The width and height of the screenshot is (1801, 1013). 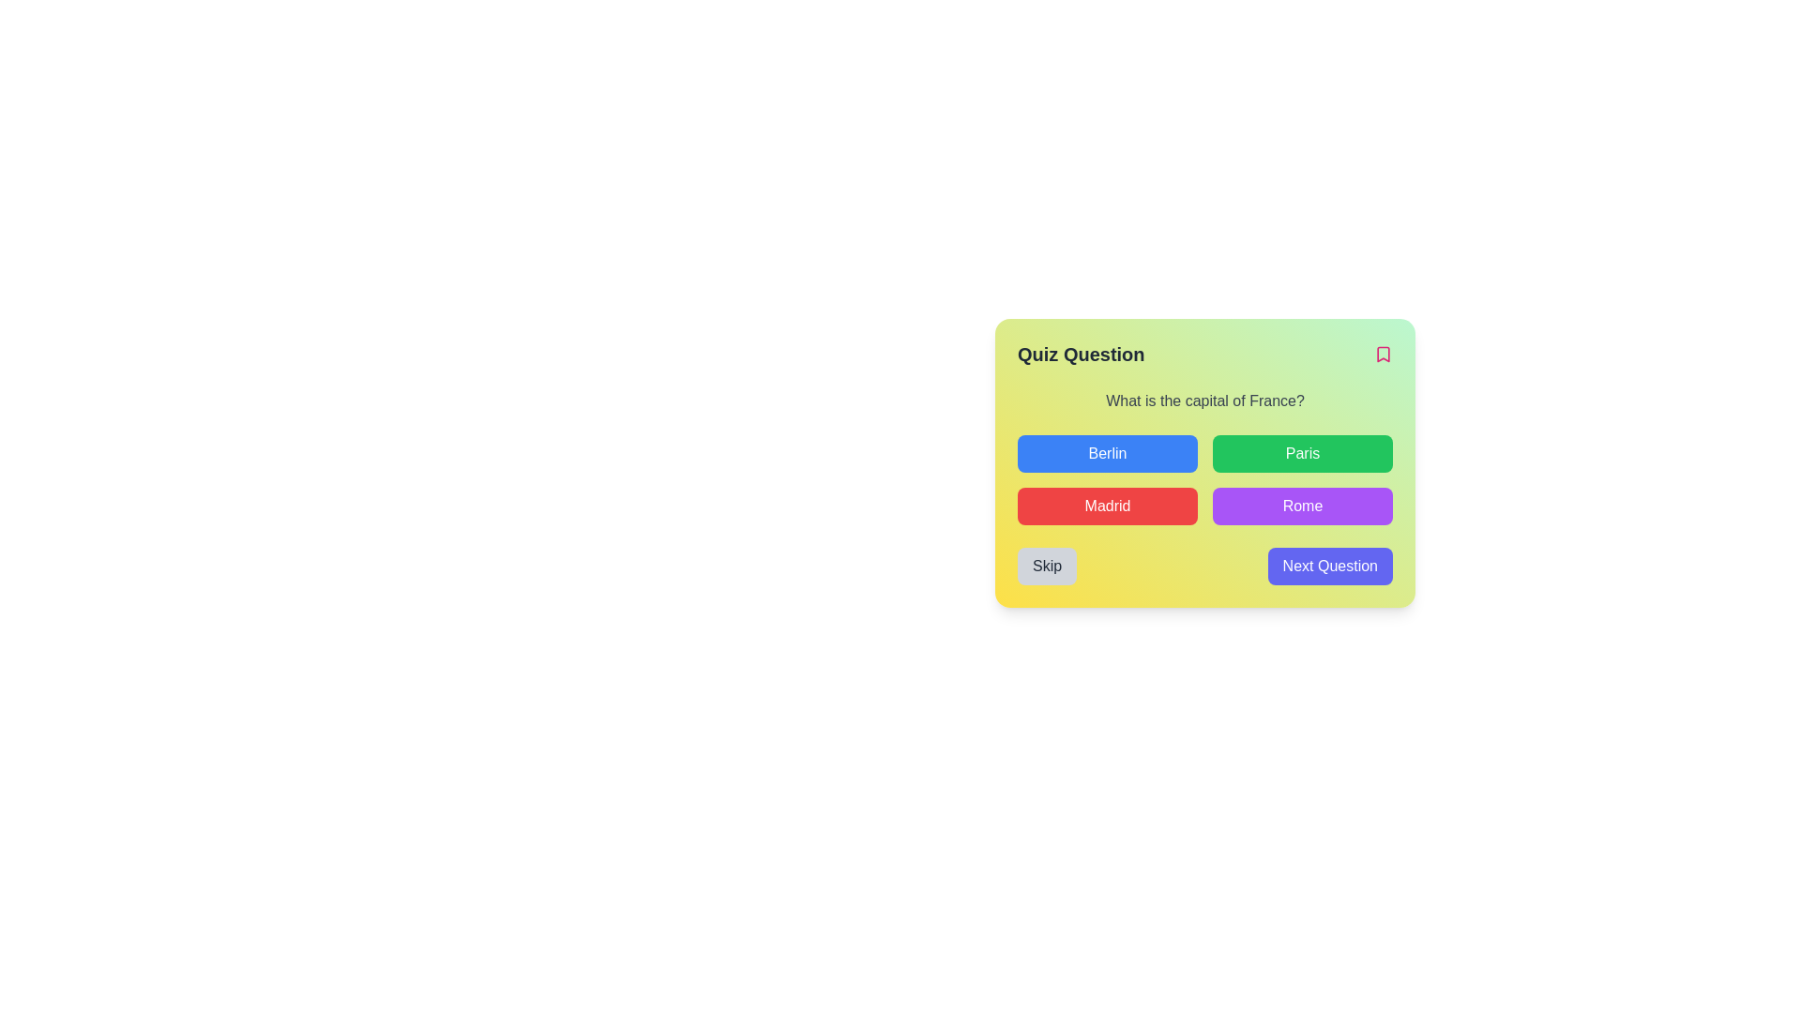 What do you see at coordinates (1301, 453) in the screenshot?
I see `the button labeled 'Paris' which is located in the second column of the first row of a grid layout, positioned to the right of 'Berlin' and directly above 'Rome', to trigger a hover state` at bounding box center [1301, 453].